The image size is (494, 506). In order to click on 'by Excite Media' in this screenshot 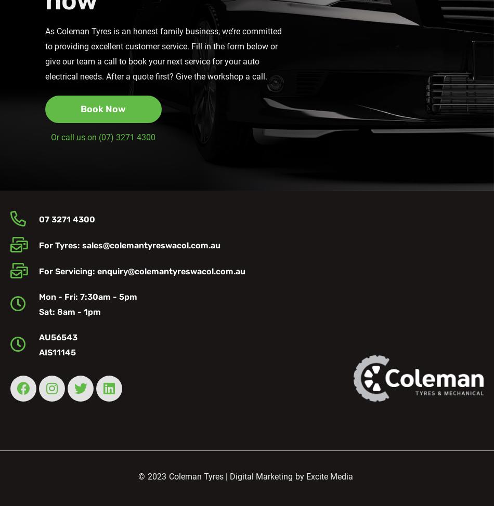, I will do `click(324, 476)`.